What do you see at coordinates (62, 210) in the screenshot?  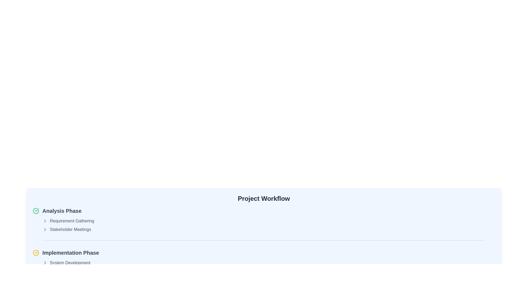 I see `text label indicating the current phase of the project workflow, which displays 'Analysis Phase'` at bounding box center [62, 210].